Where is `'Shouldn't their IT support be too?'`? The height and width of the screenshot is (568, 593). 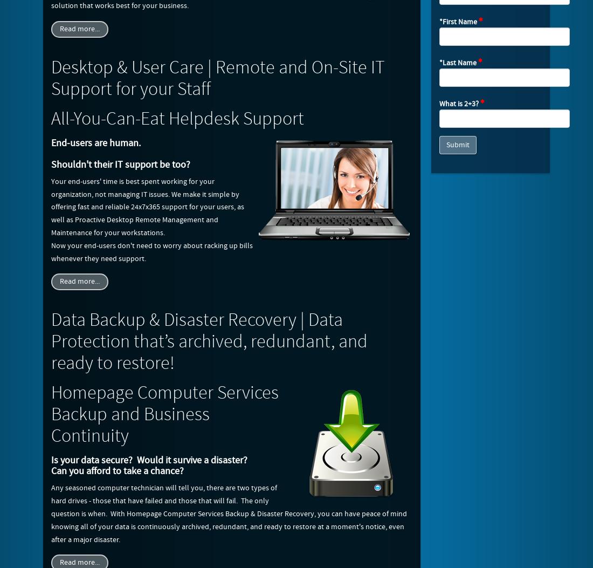
'Shouldn't their IT support be too?' is located at coordinates (51, 164).